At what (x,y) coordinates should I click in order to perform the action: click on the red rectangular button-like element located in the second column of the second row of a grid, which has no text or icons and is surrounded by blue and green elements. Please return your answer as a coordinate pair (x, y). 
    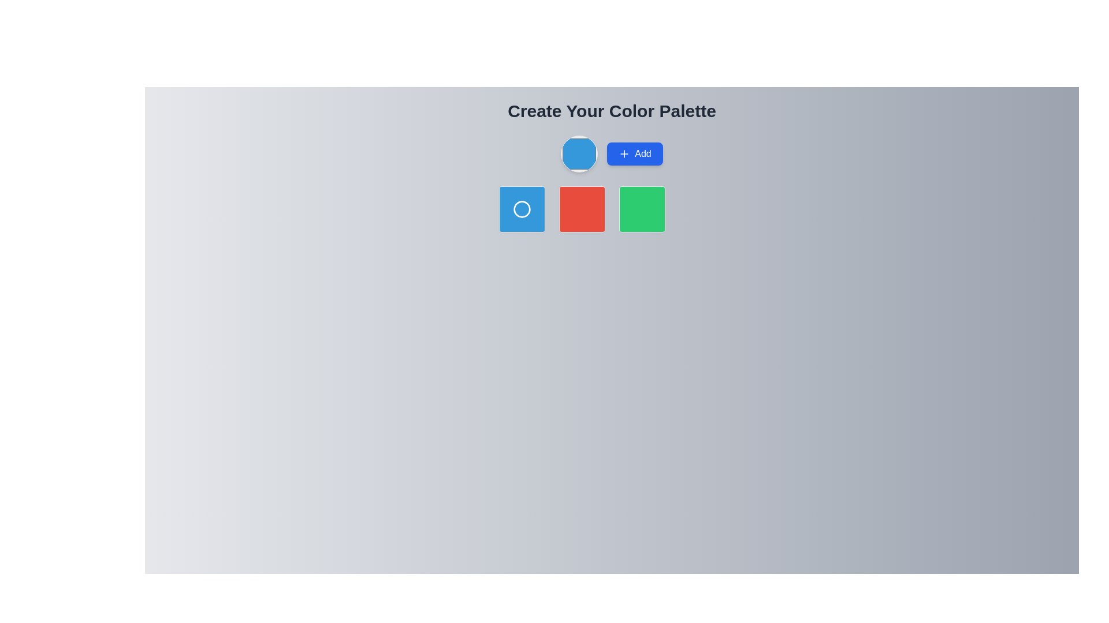
    Looking at the image, I should click on (582, 209).